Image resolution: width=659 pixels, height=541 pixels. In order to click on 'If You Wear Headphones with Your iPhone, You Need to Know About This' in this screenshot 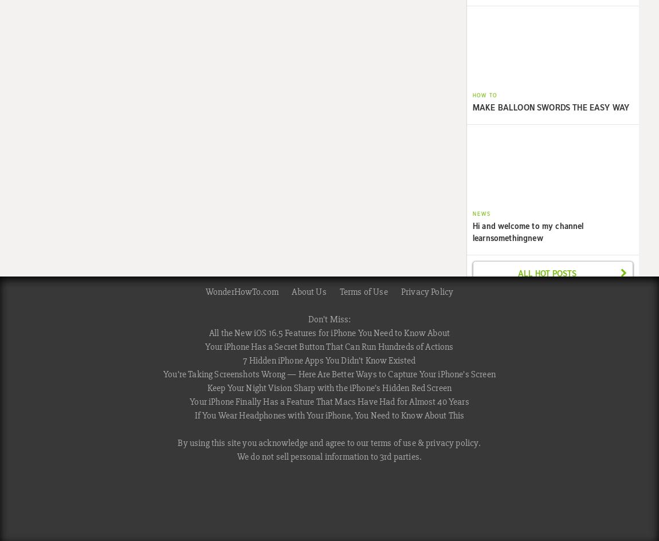, I will do `click(329, 415)`.